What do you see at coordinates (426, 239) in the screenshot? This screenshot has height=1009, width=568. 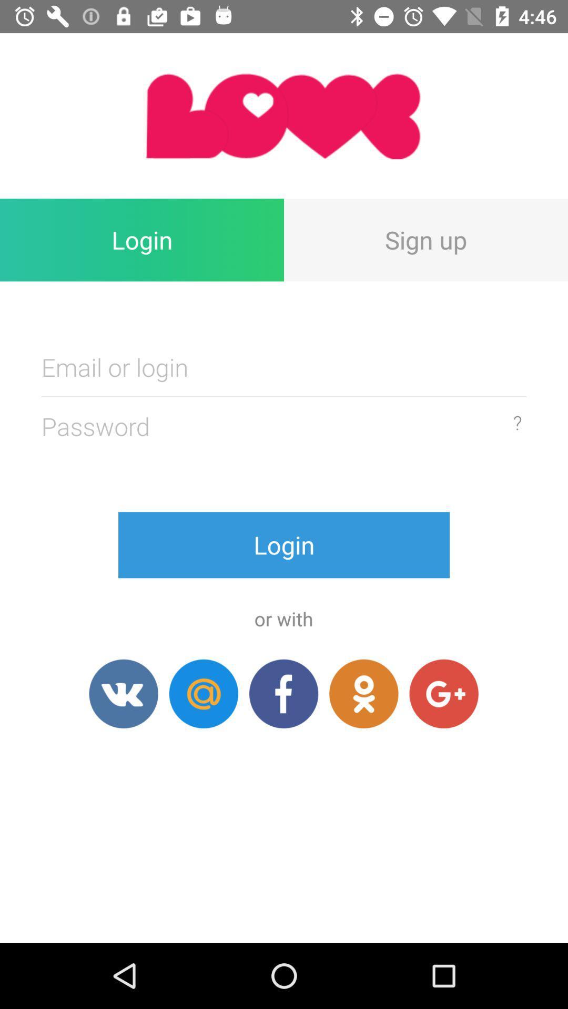 I see `sign up` at bounding box center [426, 239].